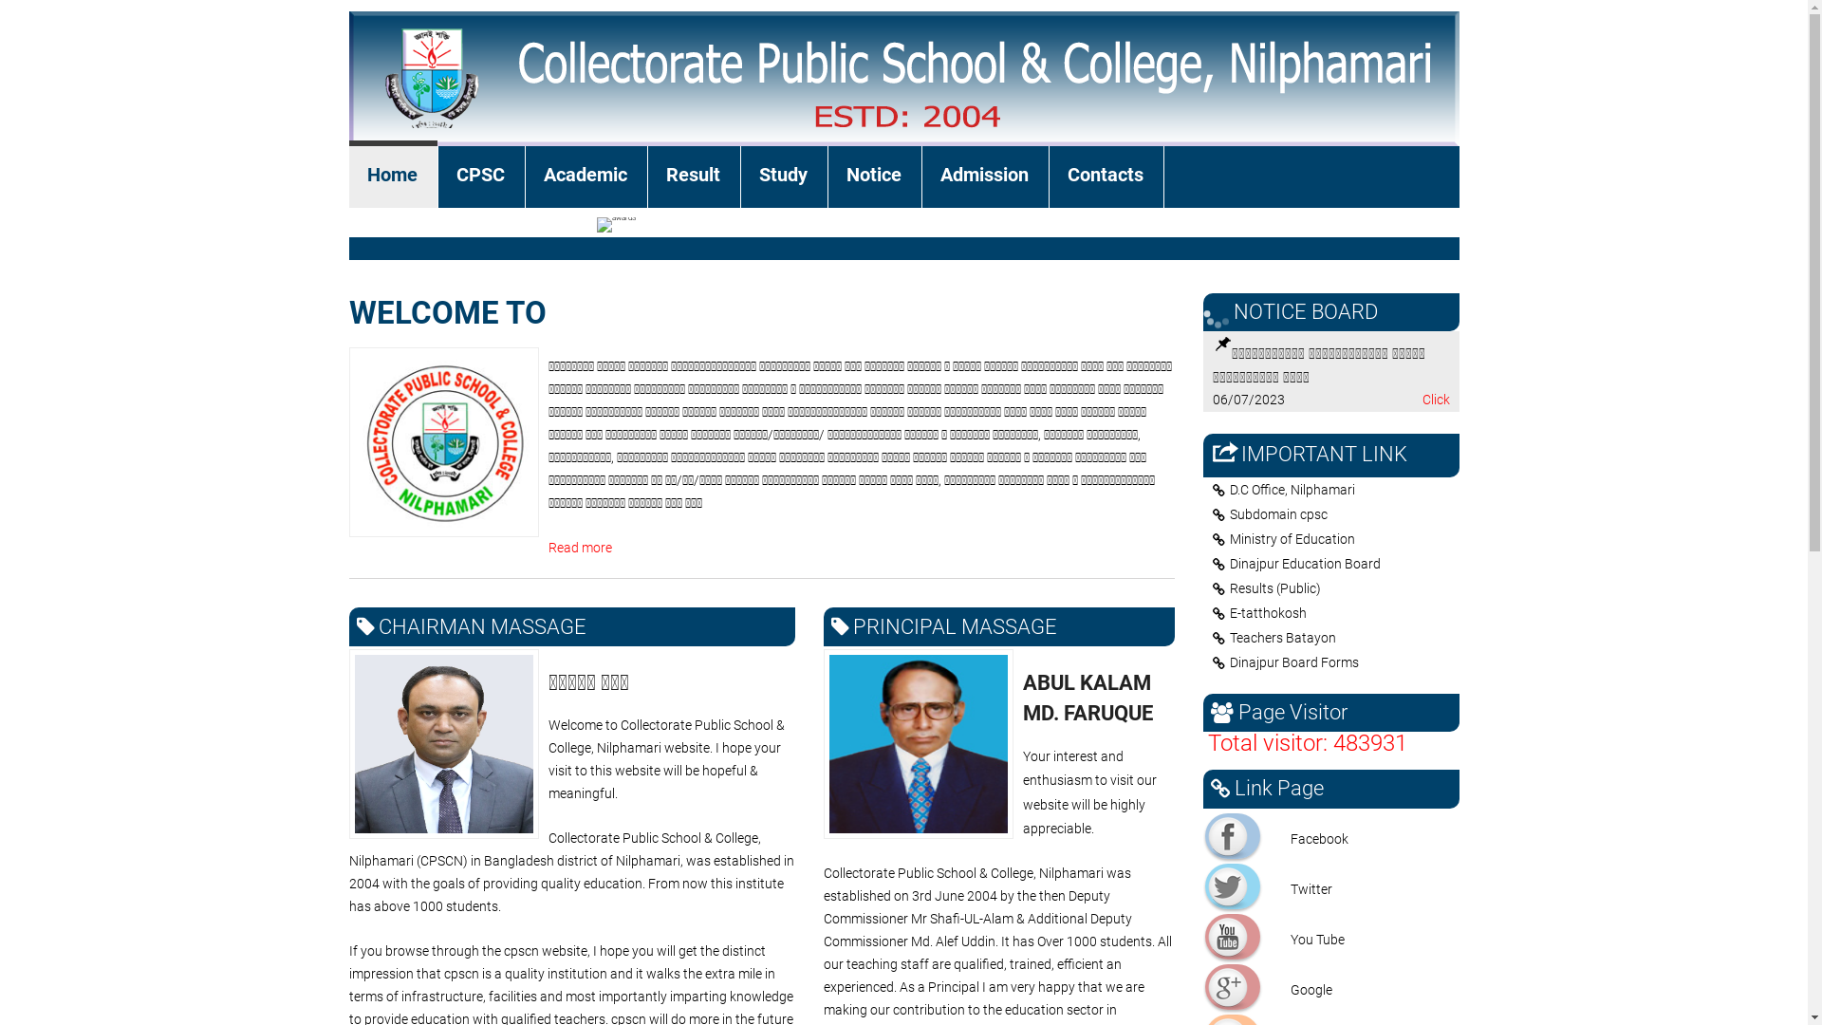 The image size is (1822, 1025). I want to click on 'Home', so click(392, 177).